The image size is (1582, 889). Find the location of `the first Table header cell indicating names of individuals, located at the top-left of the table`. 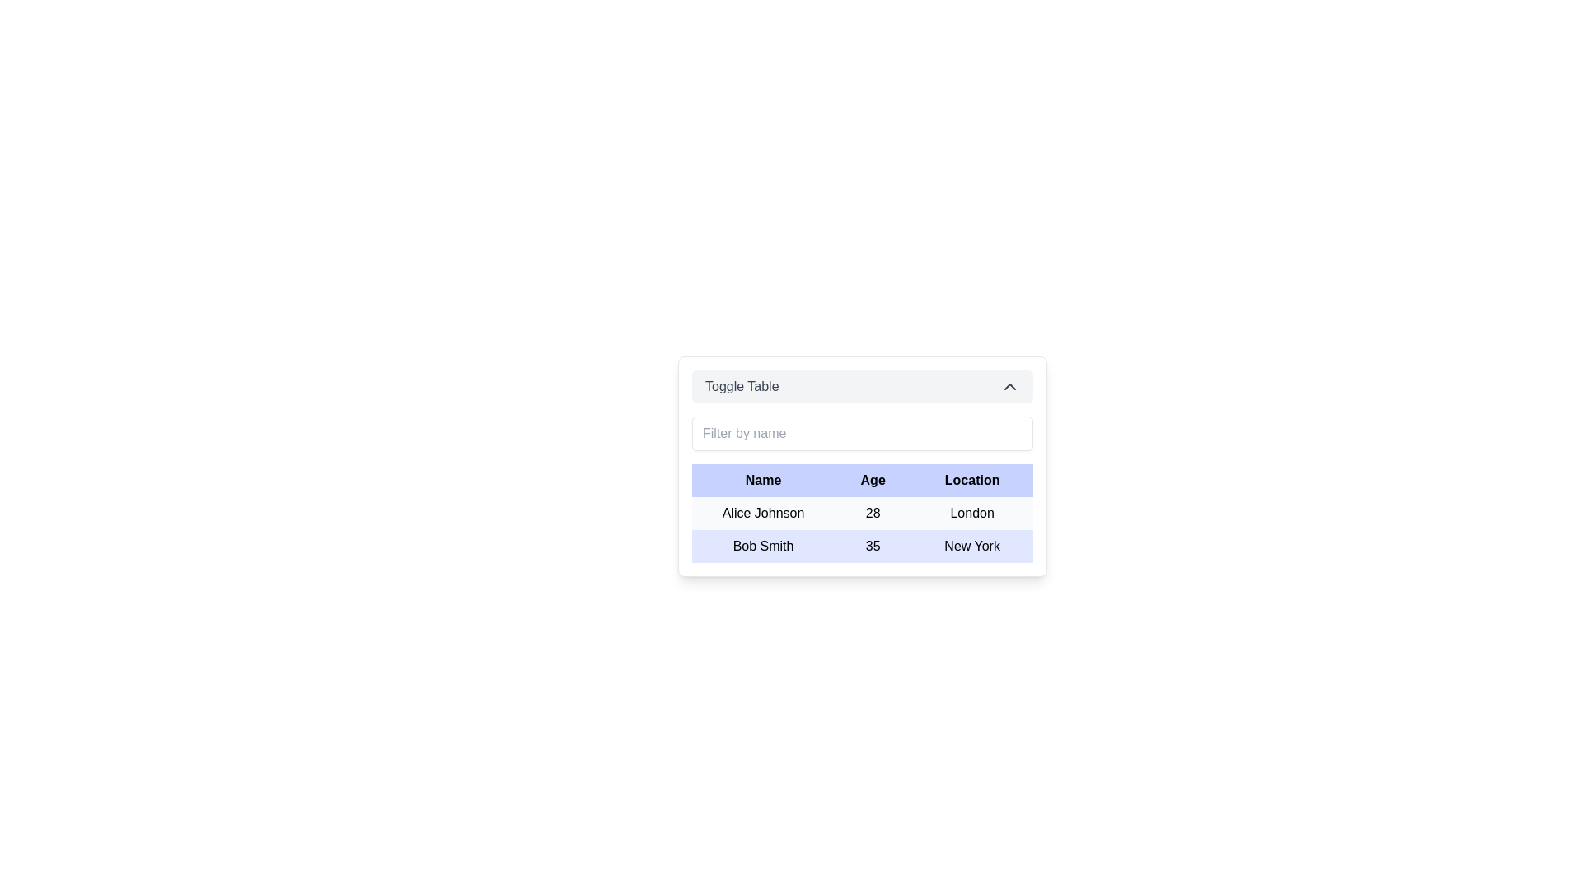

the first Table header cell indicating names of individuals, located at the top-left of the table is located at coordinates (762, 480).